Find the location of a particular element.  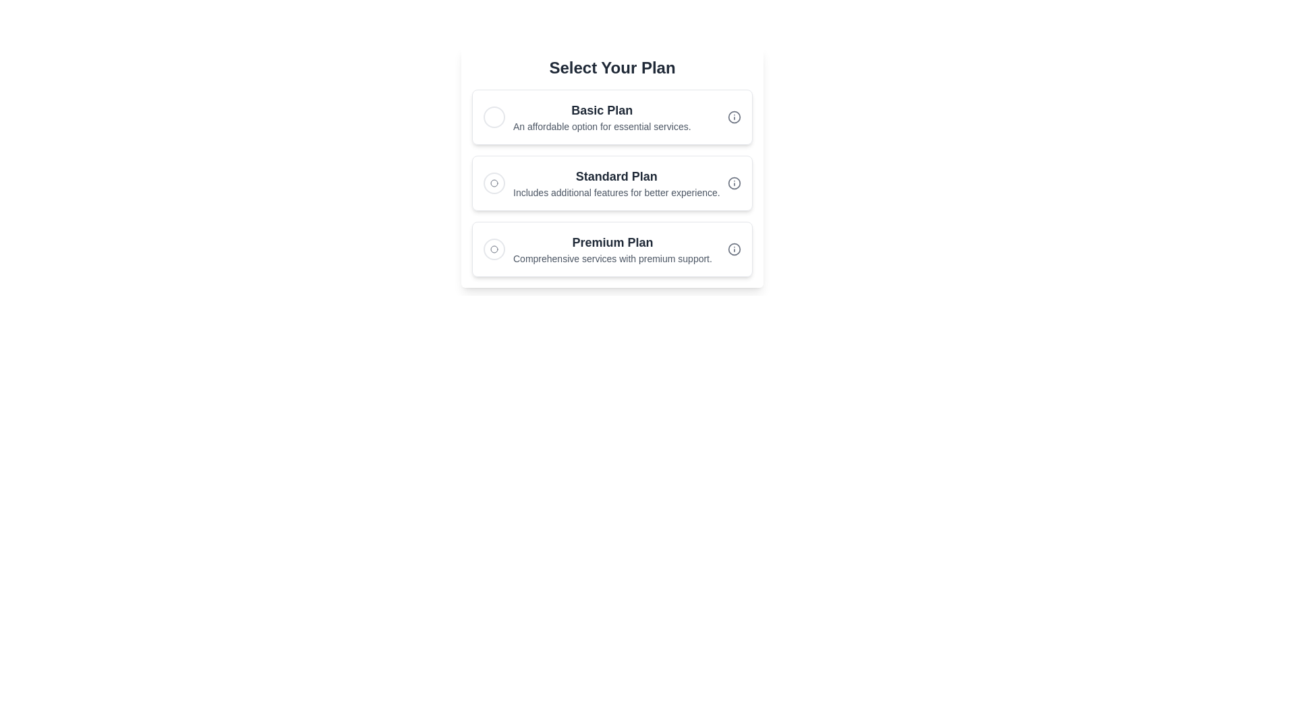

the 'Basic Plan' text label in the list of selectable plans is located at coordinates (601, 116).